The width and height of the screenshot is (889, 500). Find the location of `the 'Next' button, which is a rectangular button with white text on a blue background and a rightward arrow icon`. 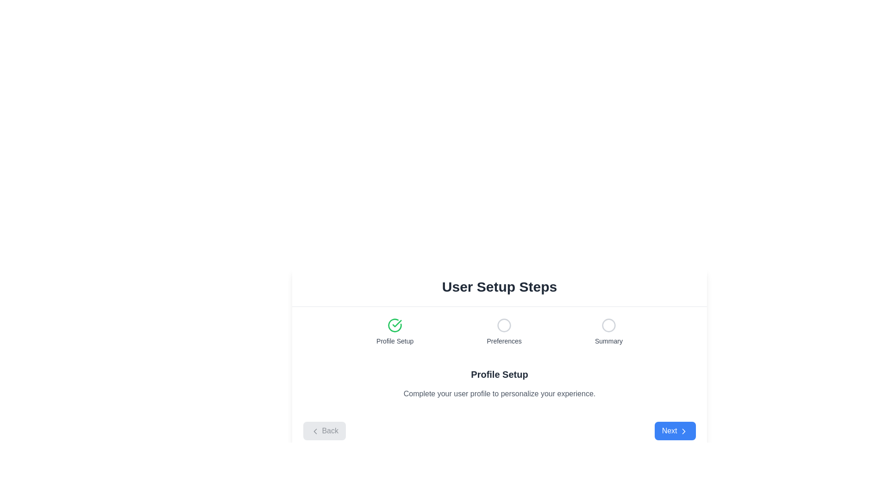

the 'Next' button, which is a rectangular button with white text on a blue background and a rightward arrow icon is located at coordinates (675, 431).